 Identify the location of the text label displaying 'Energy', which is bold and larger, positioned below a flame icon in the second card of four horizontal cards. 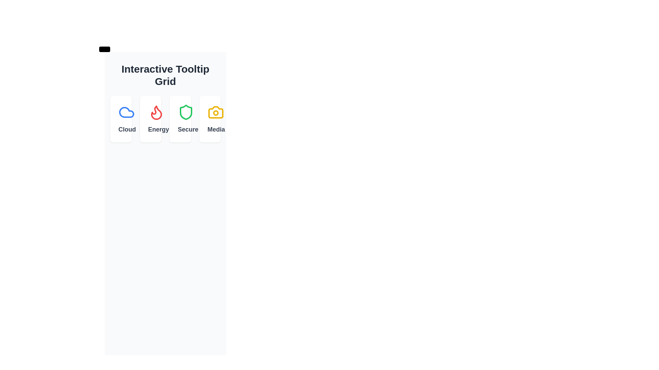
(150, 129).